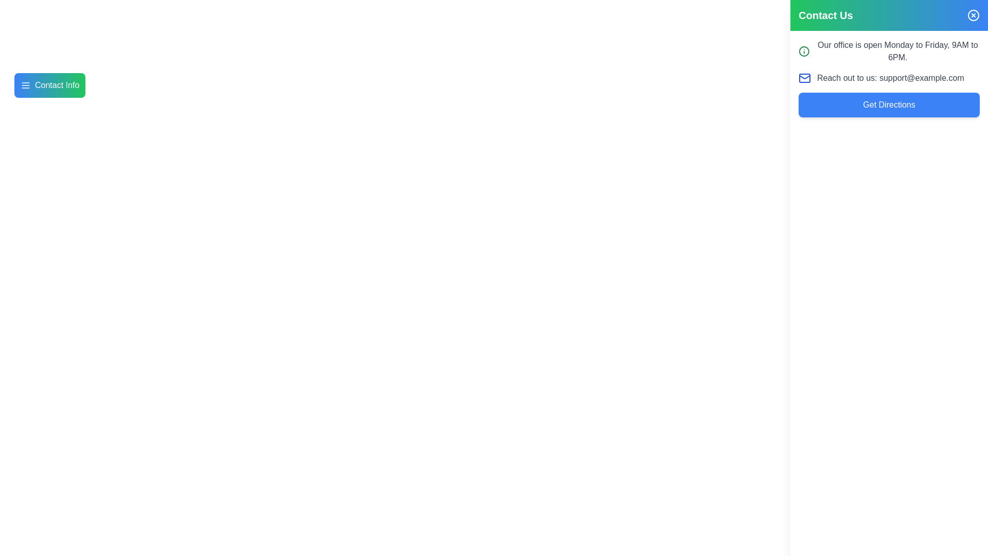 Image resolution: width=988 pixels, height=556 pixels. Describe the element at coordinates (973, 15) in the screenshot. I see `the circular icon with a blue border and a white-filled area intersected by a diagonal cross located in the top-right corner of the 'Contact Us' section` at that location.